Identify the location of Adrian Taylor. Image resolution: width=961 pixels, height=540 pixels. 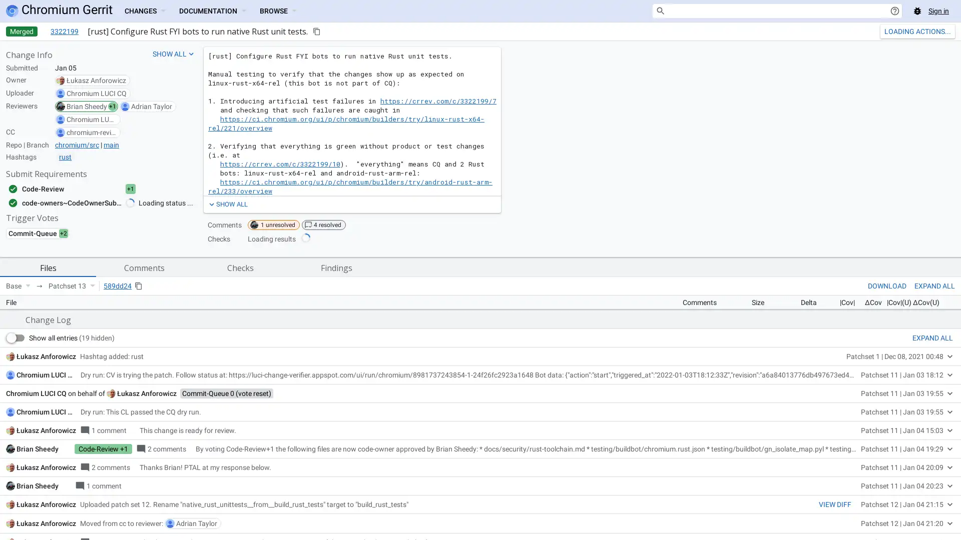
(151, 106).